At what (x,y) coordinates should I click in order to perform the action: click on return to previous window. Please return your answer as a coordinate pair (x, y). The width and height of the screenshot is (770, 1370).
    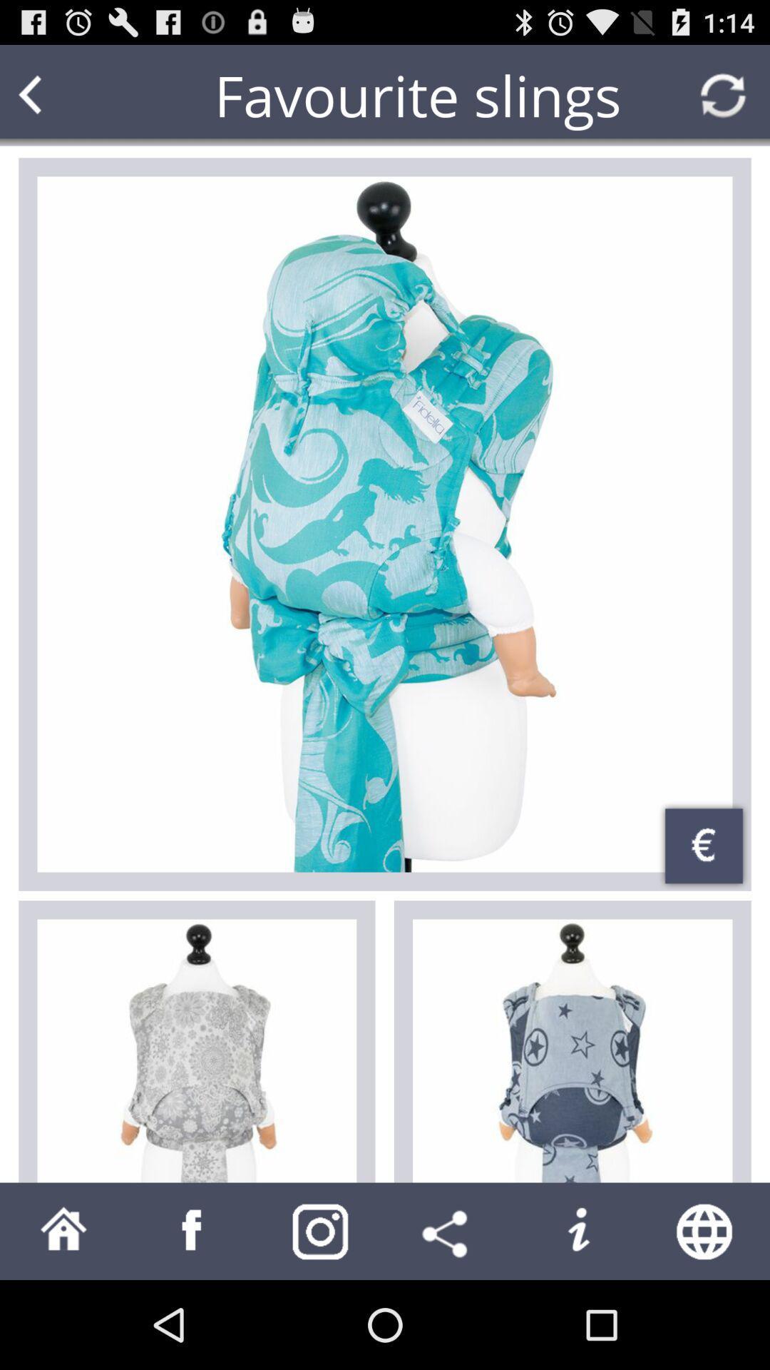
    Looking at the image, I should click on (57, 94).